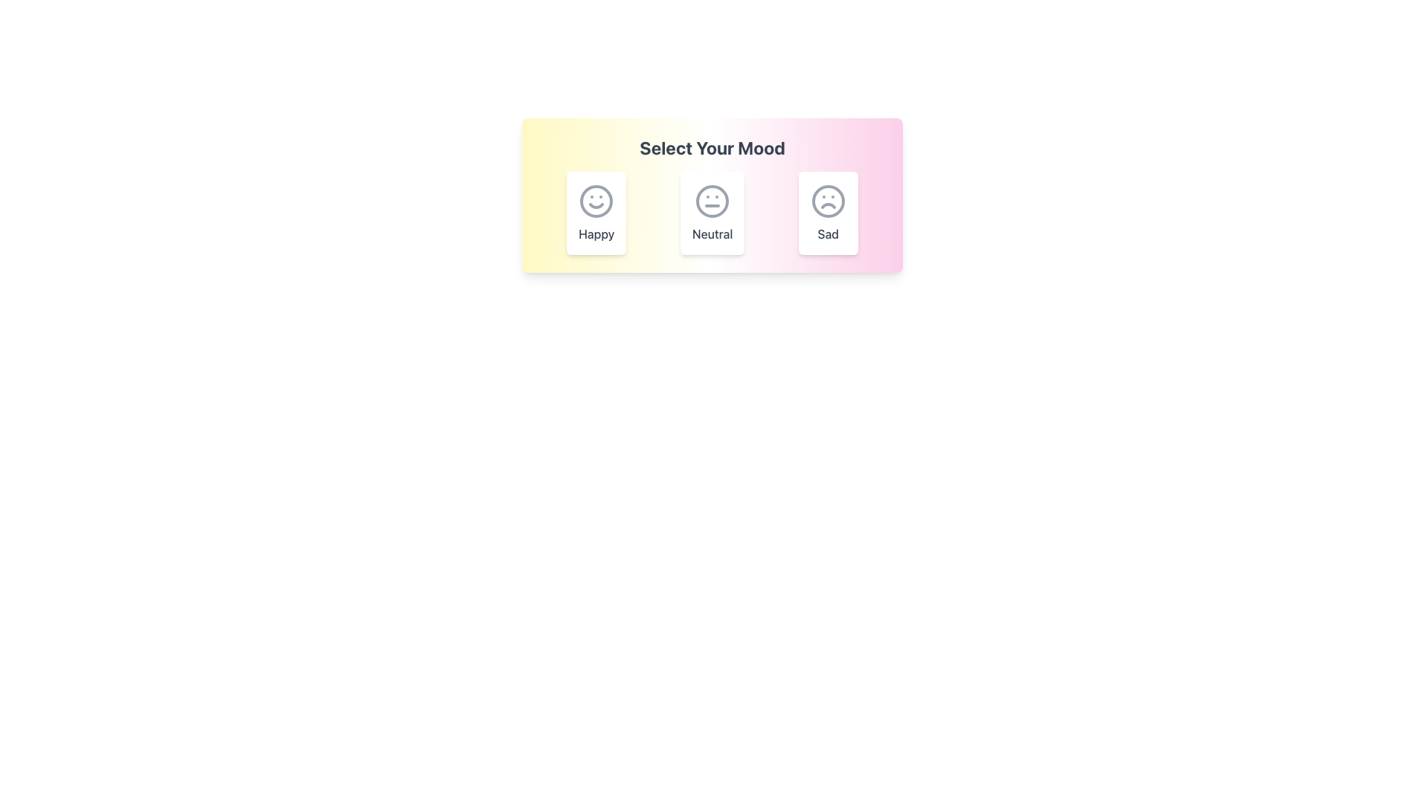 This screenshot has height=803, width=1428. What do you see at coordinates (712, 234) in the screenshot?
I see `the 'Neutral' label which is displayed in a medium font weight and styled with a gray color tone, positioned beneath a neutral face emoticon and centered between 'Happy' and 'Sad' mood options` at bounding box center [712, 234].